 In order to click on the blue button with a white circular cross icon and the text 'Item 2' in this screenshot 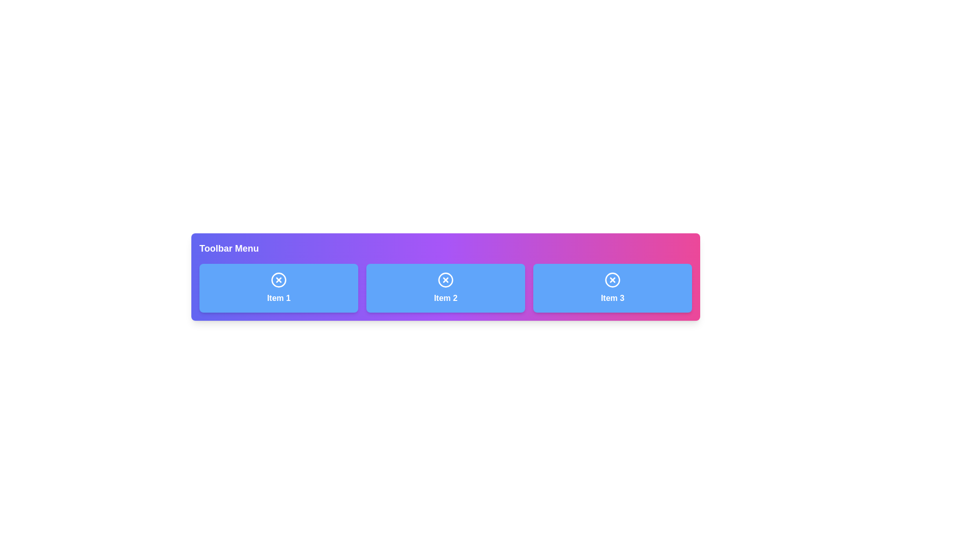, I will do `click(445, 288)`.